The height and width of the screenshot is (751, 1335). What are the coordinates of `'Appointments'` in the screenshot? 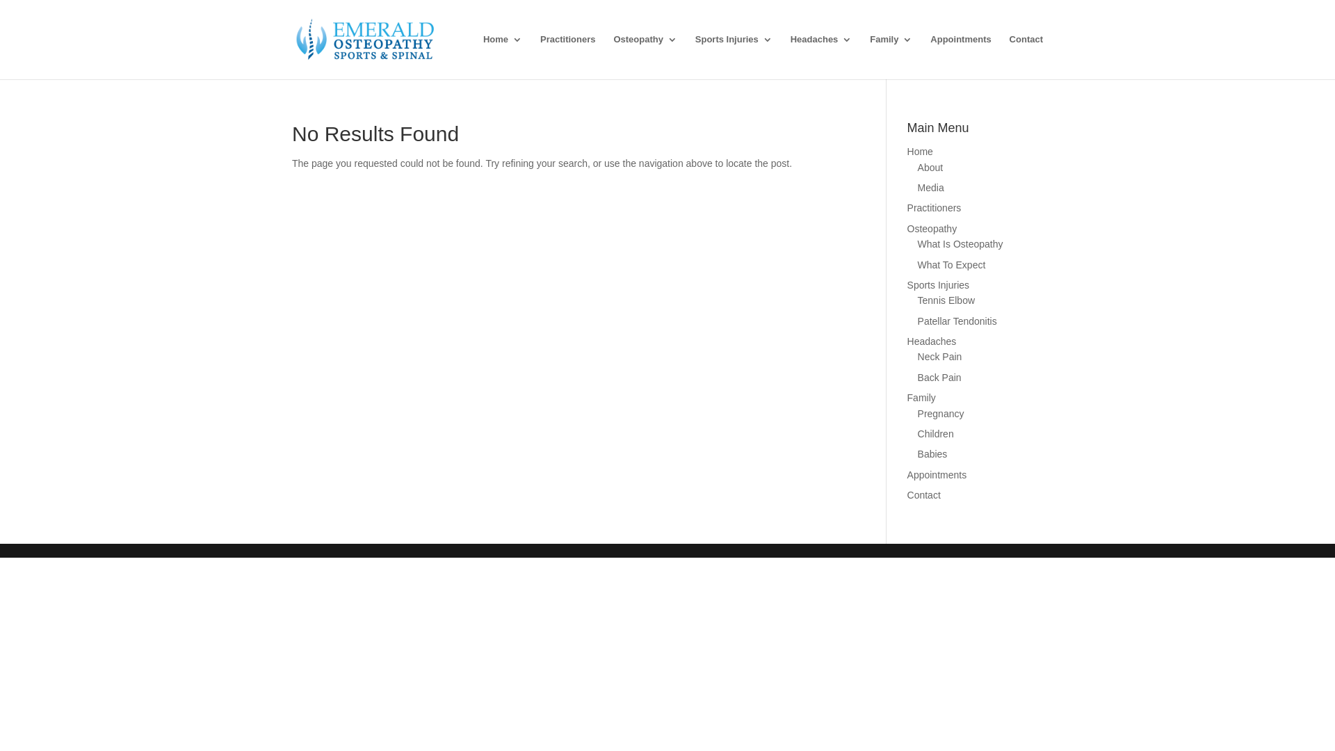 It's located at (937, 474).